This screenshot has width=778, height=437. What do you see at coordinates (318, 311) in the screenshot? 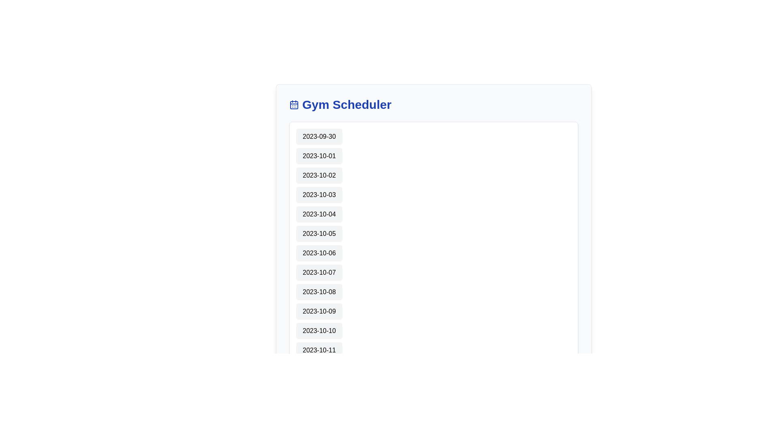
I see `the selectable date button for '2023-10-09' in the 'Gym Scheduler'` at bounding box center [318, 311].